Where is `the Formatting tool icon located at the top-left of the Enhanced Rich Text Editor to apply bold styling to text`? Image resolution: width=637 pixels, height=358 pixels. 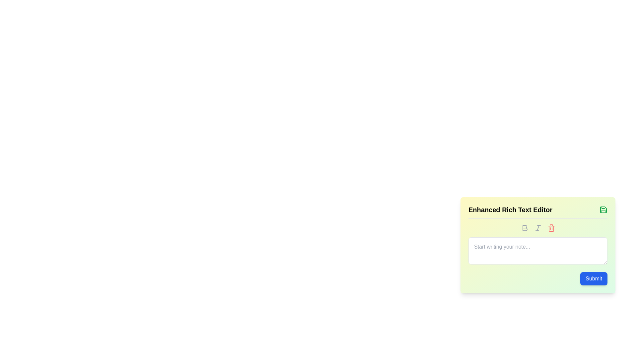 the Formatting tool icon located at the top-left of the Enhanced Rich Text Editor to apply bold styling to text is located at coordinates (525, 227).